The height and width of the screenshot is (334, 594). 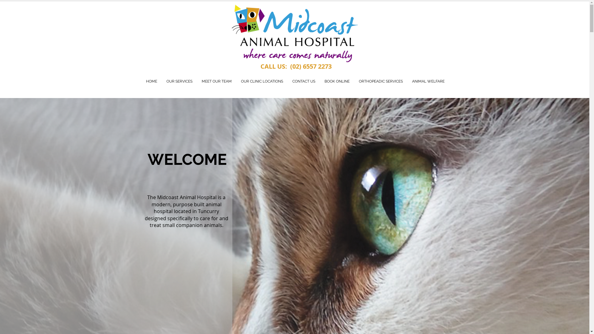 I want to click on 'ANIMAL WELFARE', so click(x=428, y=81).